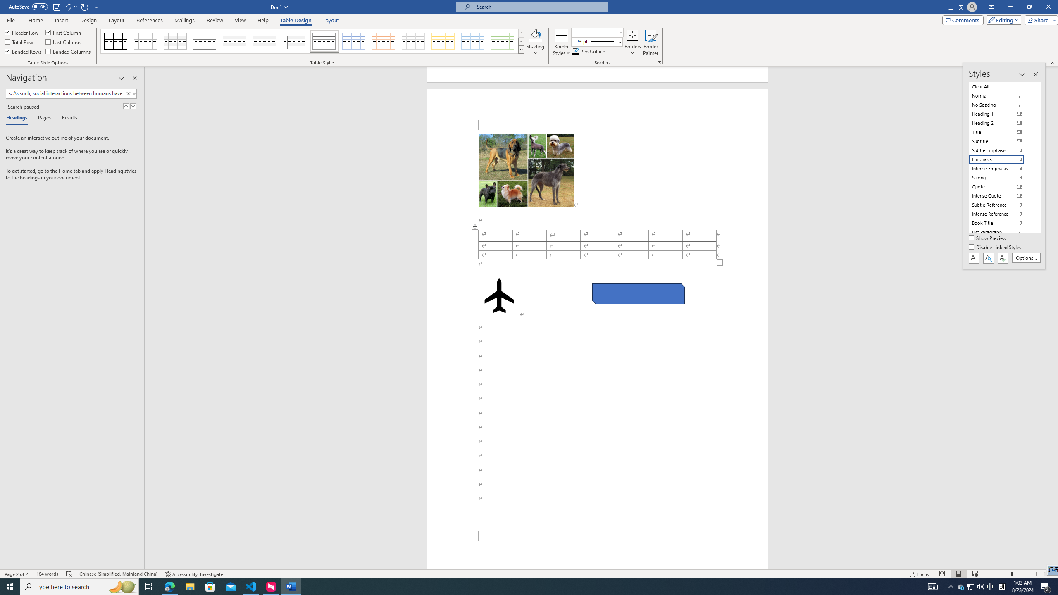  What do you see at coordinates (1001, 186) in the screenshot?
I see `'Quote'` at bounding box center [1001, 186].